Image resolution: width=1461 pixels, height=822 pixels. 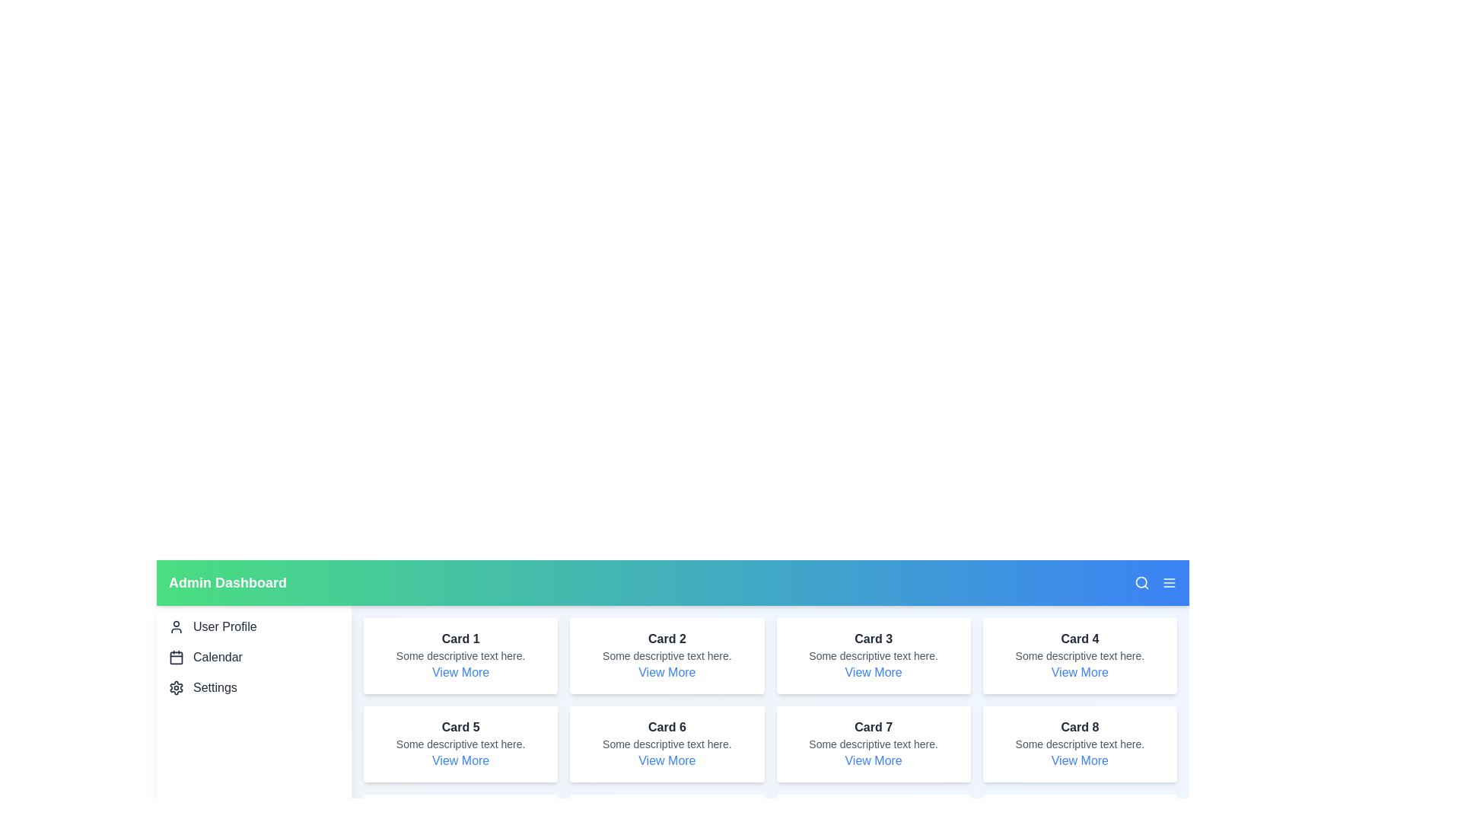 What do you see at coordinates (254, 657) in the screenshot?
I see `the menu item Calendar from the sidebar` at bounding box center [254, 657].